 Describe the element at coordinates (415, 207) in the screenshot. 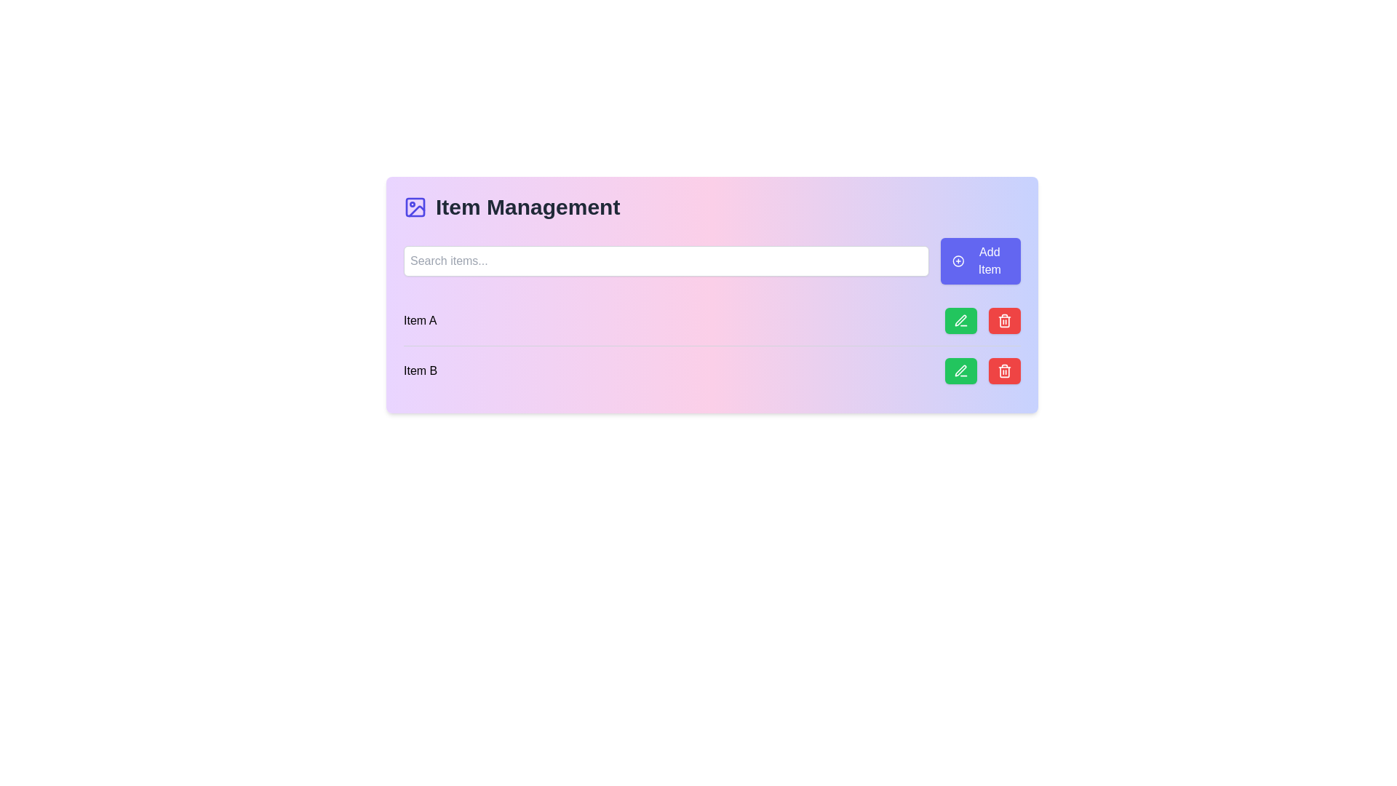

I see `the outlined purple icon located to the left of the 'Item Management' text in the header section of the card` at that location.